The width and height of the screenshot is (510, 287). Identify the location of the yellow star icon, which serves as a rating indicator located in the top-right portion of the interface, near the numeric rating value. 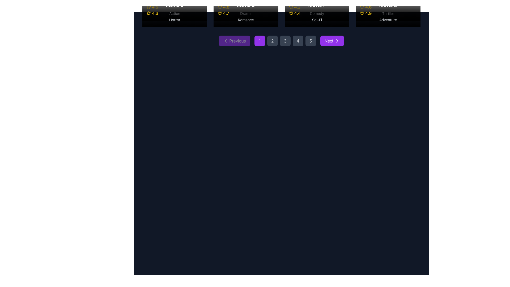
(362, 7).